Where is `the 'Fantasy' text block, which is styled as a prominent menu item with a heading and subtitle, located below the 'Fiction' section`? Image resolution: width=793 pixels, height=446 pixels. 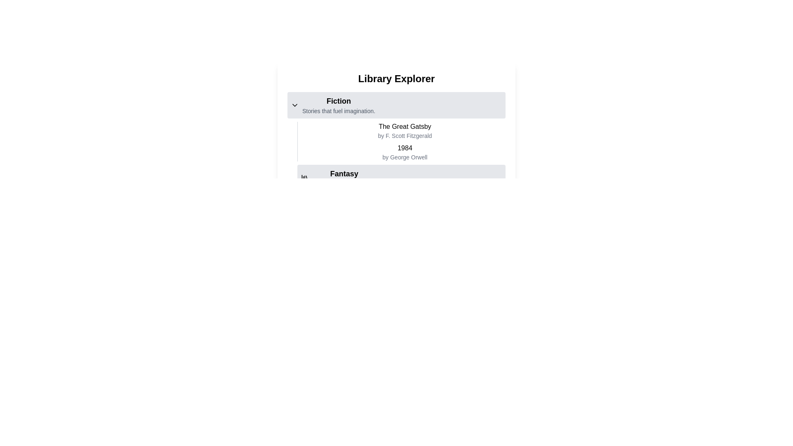 the 'Fantasy' text block, which is styled as a prominent menu item with a heading and subtitle, located below the 'Fiction' section is located at coordinates (344, 178).